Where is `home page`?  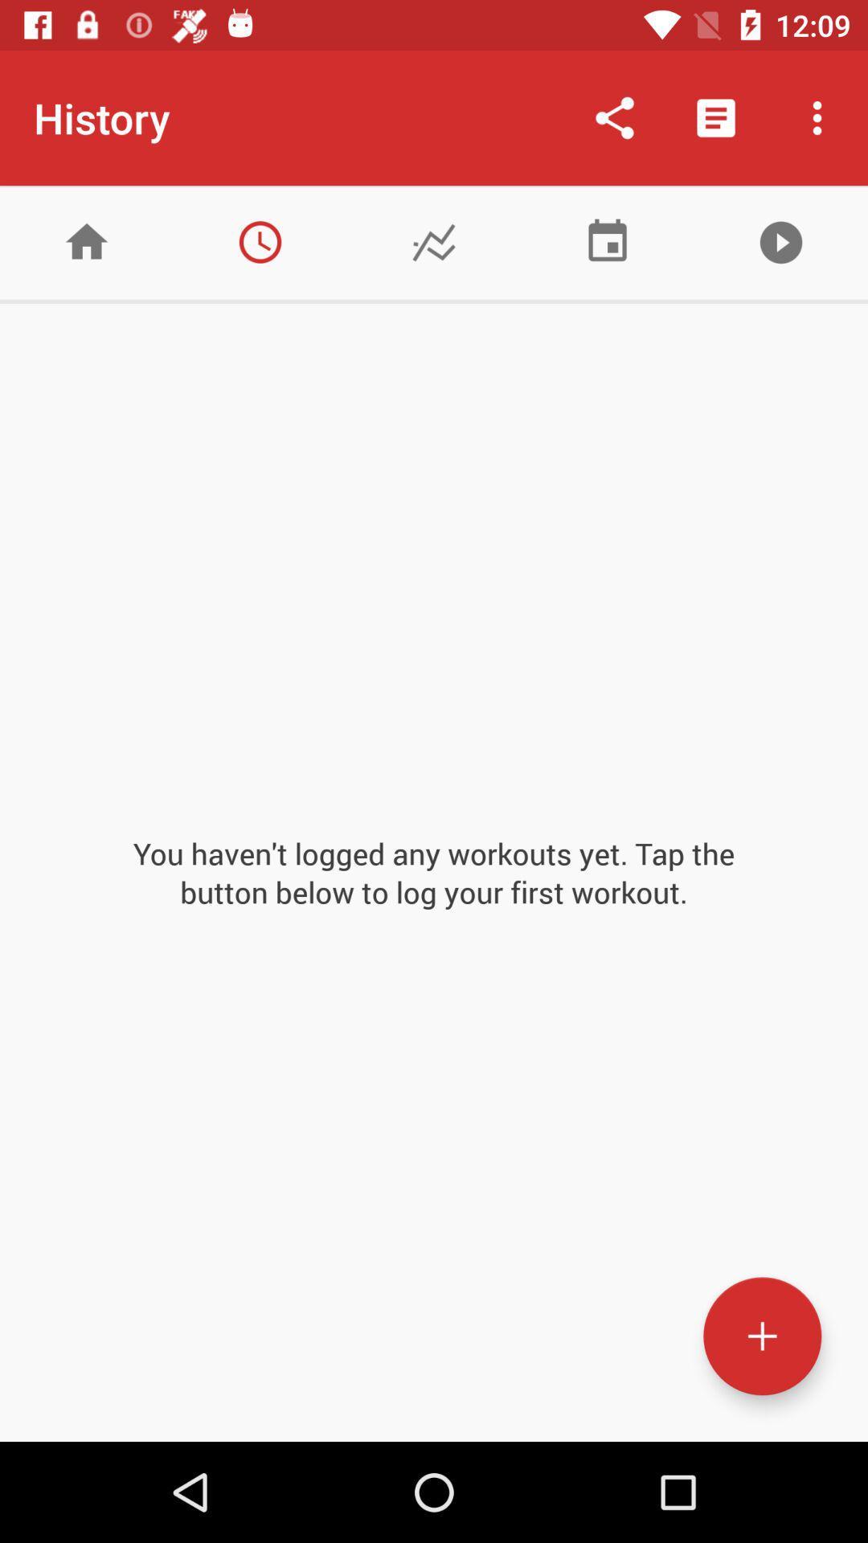 home page is located at coordinates (87, 241).